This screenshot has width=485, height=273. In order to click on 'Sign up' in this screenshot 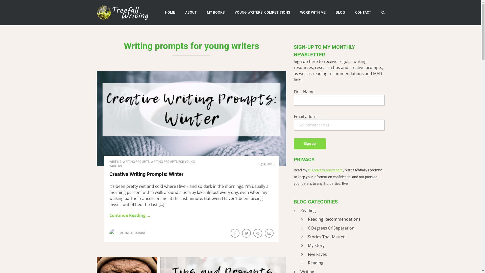, I will do `click(309, 144)`.